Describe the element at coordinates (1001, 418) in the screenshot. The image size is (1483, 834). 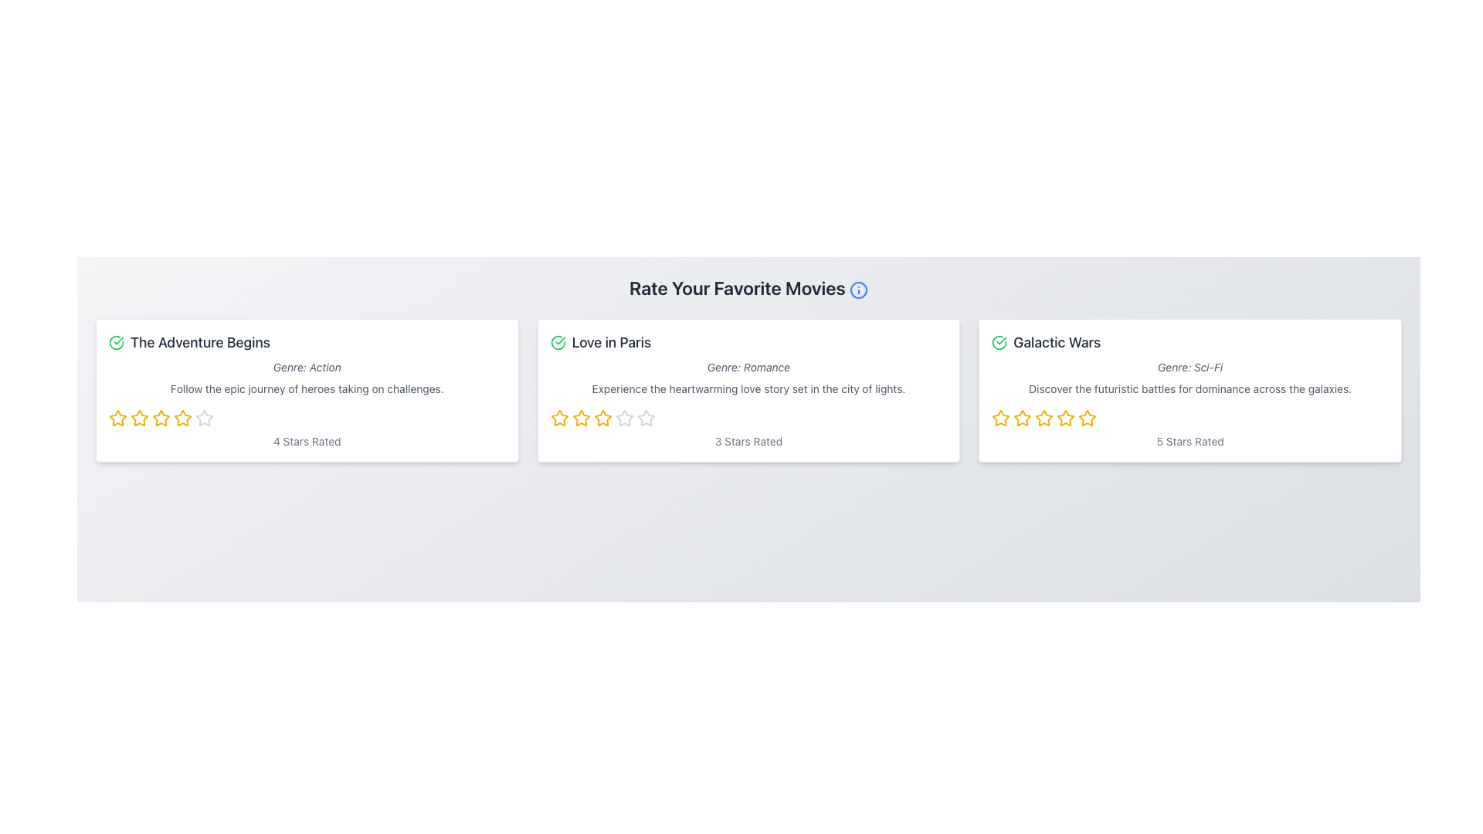
I see `the first Rating Star Icon for the movie 'Galactic Wars'` at that location.